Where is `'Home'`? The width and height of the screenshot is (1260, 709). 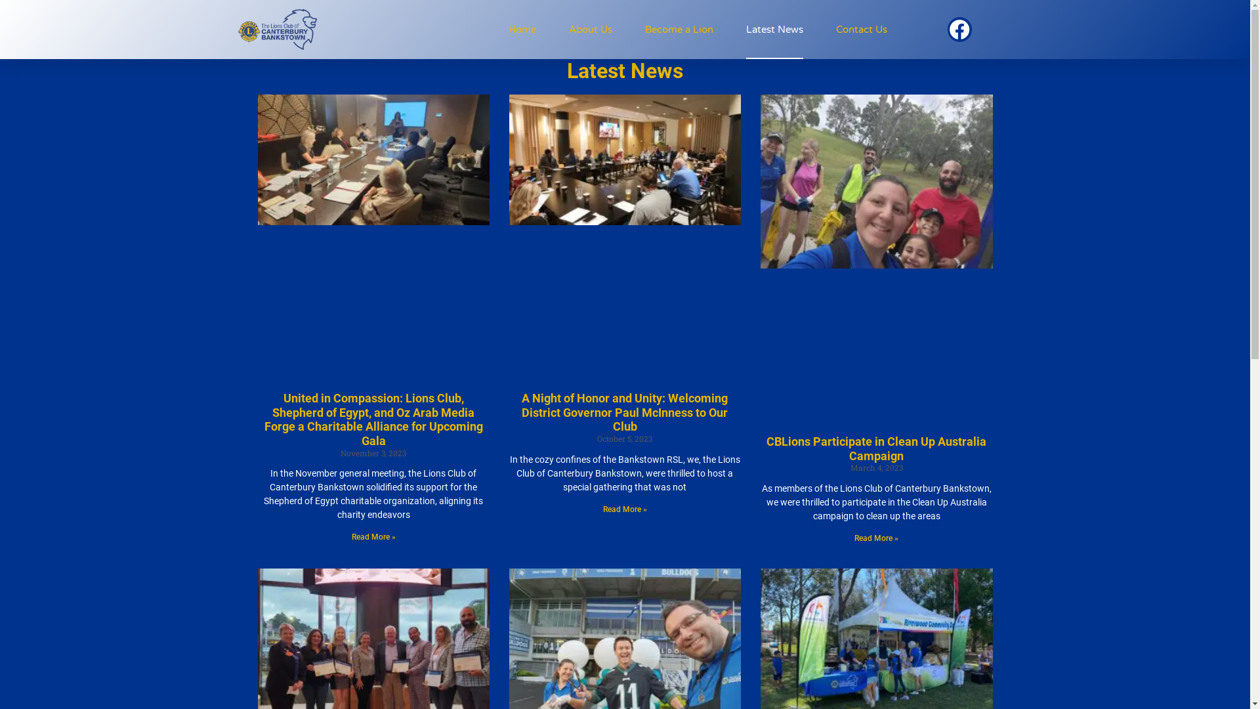 'Home' is located at coordinates (522, 30).